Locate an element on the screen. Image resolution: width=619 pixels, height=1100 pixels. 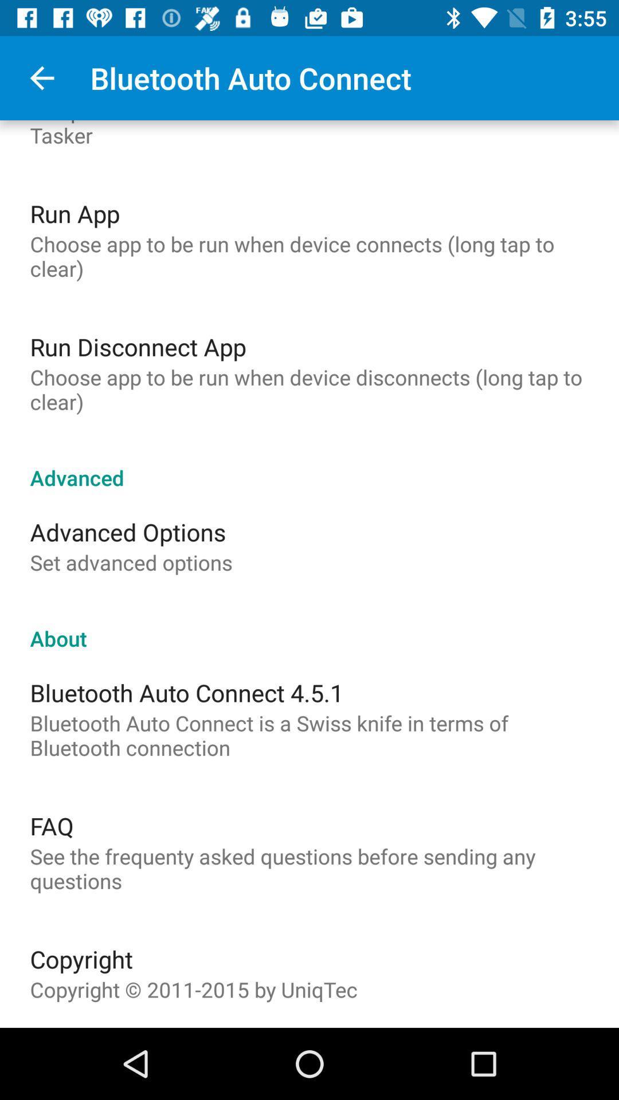
faq item is located at coordinates (52, 826).